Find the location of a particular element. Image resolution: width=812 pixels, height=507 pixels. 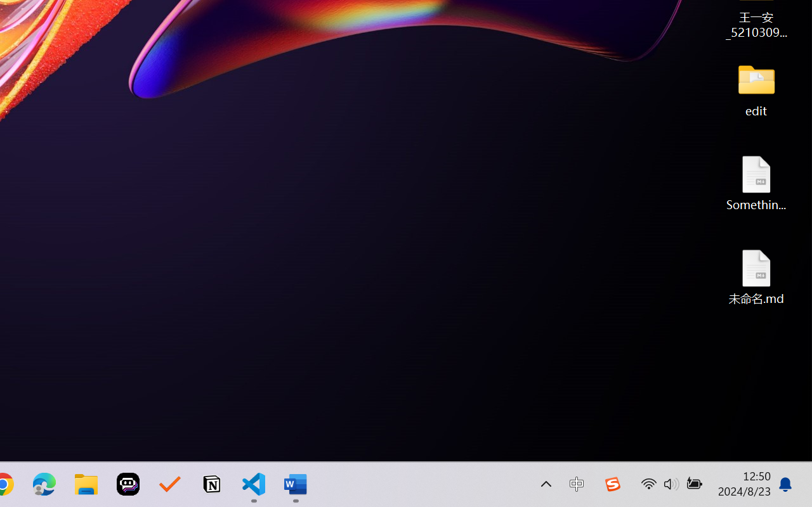

'Something.md' is located at coordinates (756, 183).